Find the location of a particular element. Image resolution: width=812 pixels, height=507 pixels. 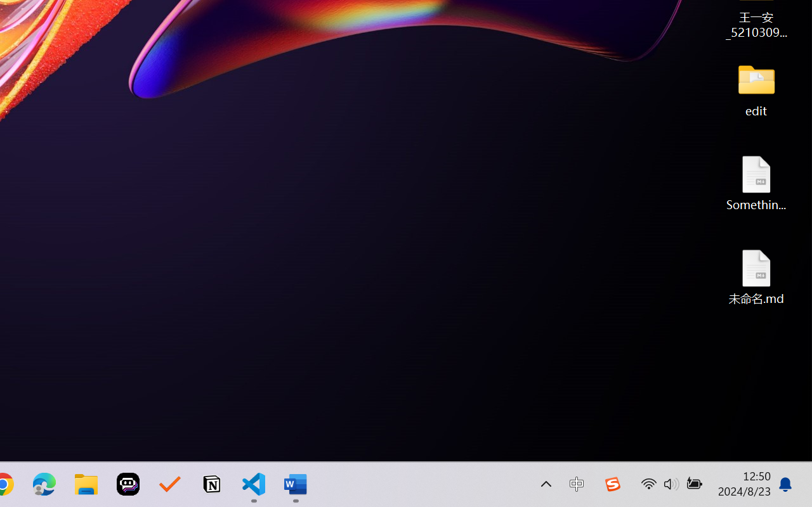

'Something.md' is located at coordinates (756, 183).